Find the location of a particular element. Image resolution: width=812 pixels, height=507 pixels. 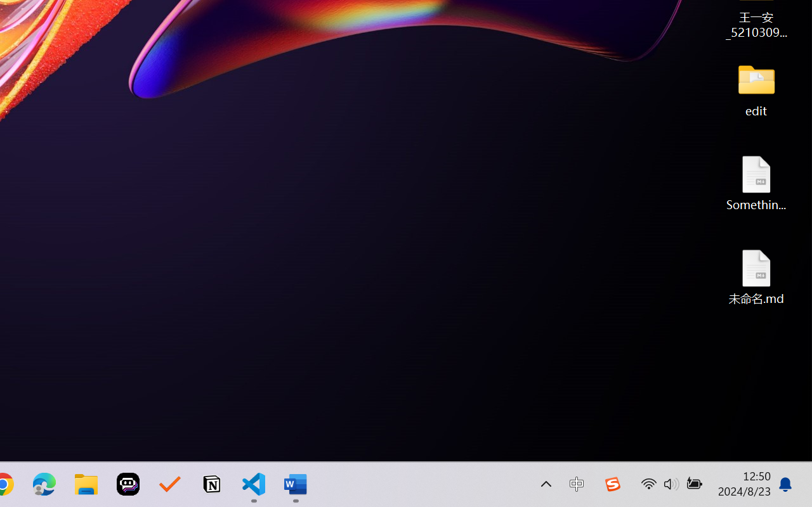

'Something.md' is located at coordinates (756, 183).